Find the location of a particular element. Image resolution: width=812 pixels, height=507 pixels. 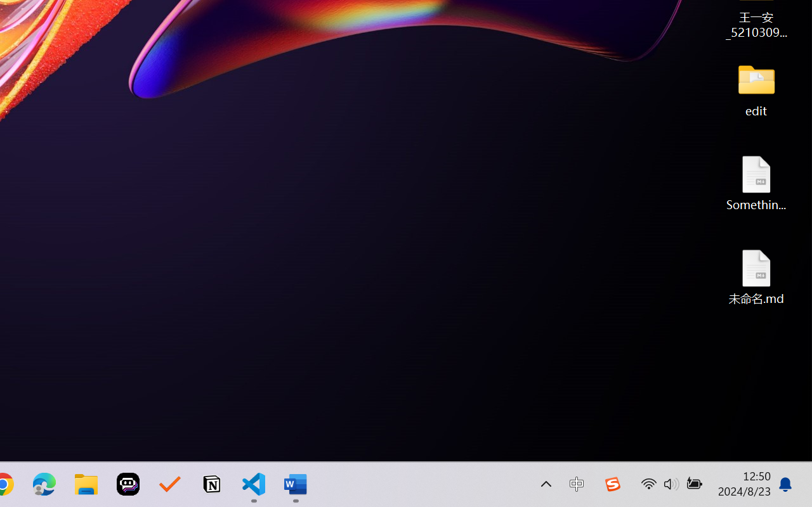

'Something.md' is located at coordinates (756, 183).